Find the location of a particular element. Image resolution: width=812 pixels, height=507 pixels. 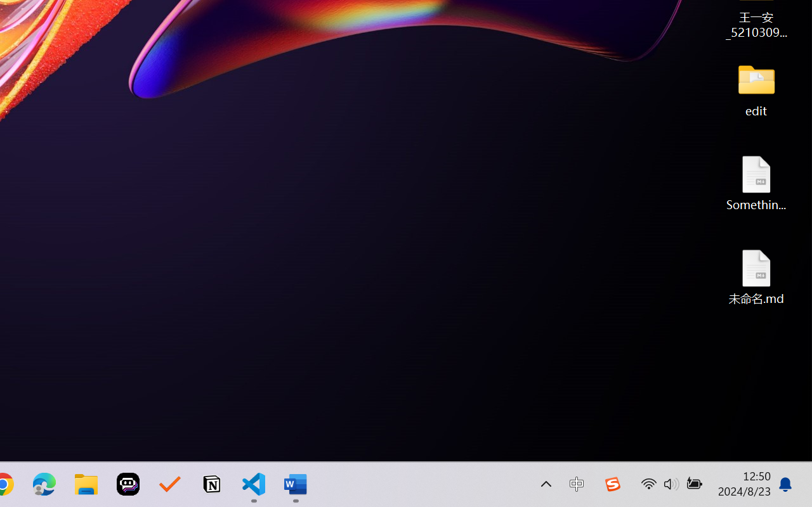

'Something.md' is located at coordinates (756, 183).